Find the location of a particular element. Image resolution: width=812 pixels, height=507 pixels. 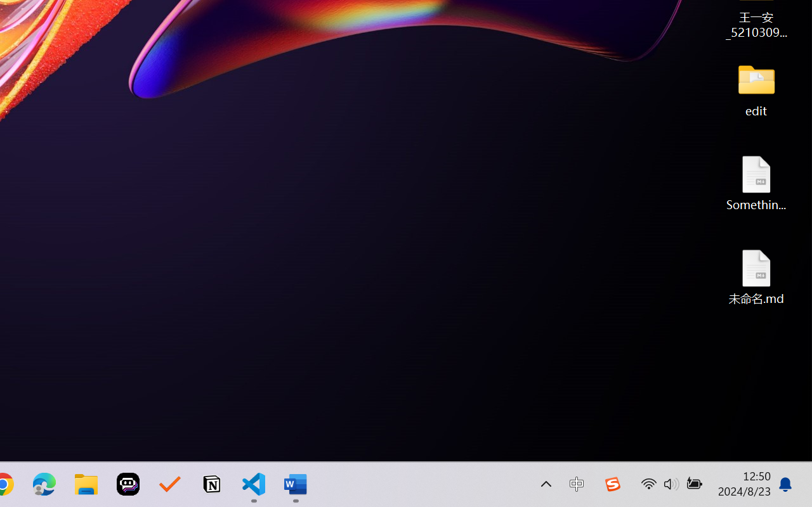

'Something.md' is located at coordinates (756, 183).